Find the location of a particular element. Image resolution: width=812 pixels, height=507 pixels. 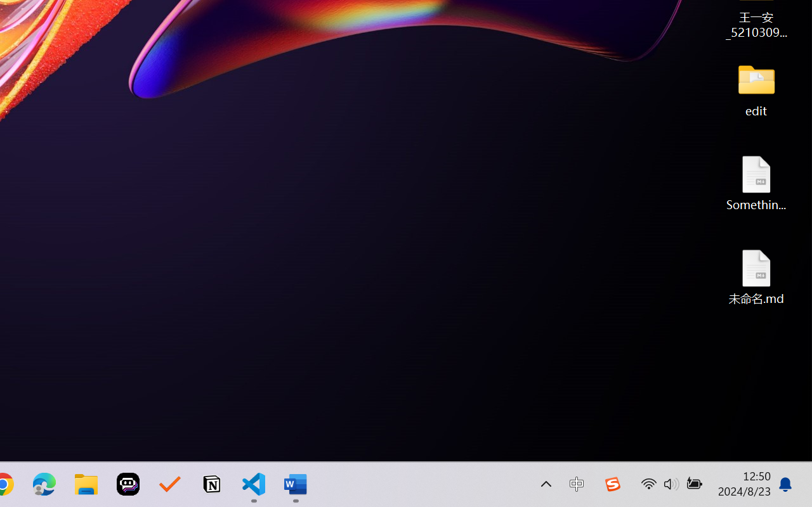

'Something.md' is located at coordinates (756, 183).